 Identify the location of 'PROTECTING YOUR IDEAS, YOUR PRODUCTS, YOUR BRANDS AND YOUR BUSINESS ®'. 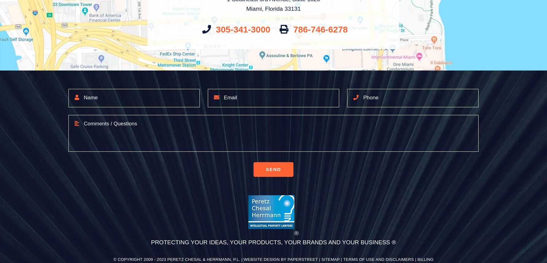
(150, 242).